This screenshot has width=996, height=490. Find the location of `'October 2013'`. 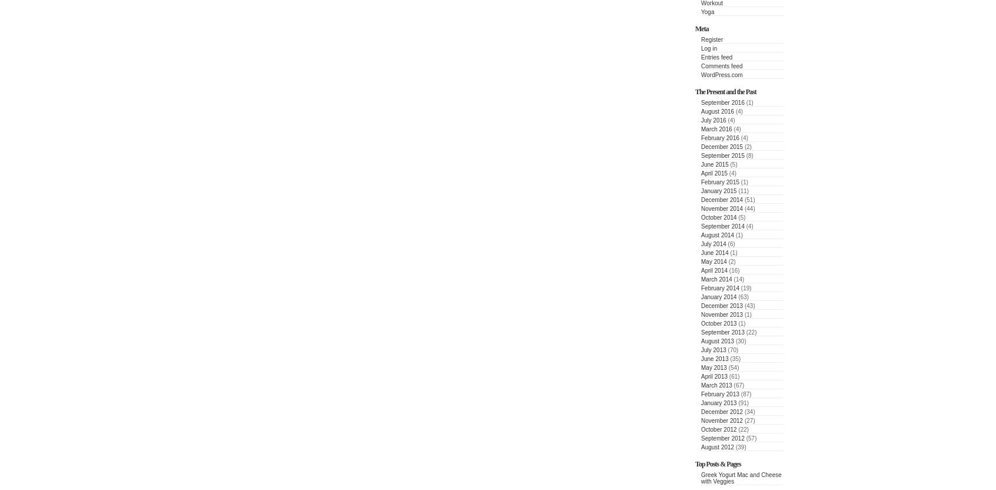

'October 2013' is located at coordinates (718, 323).